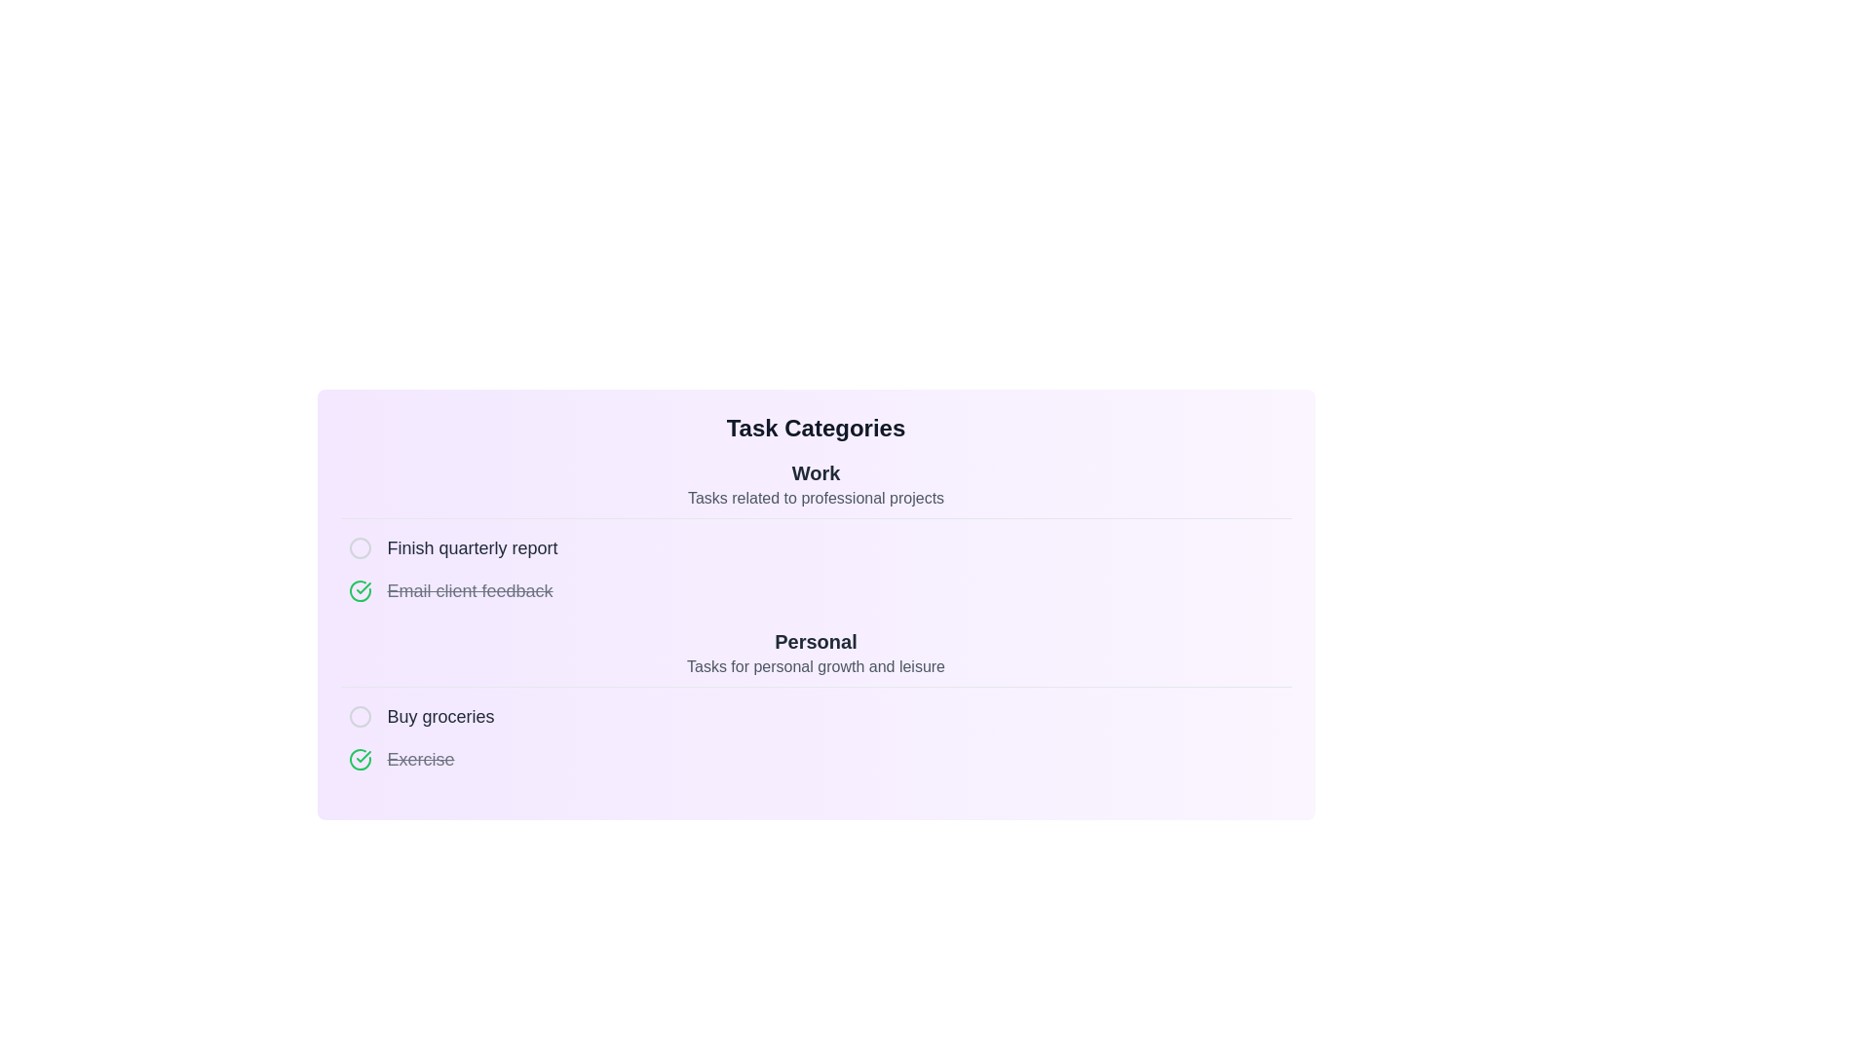  What do you see at coordinates (360, 717) in the screenshot?
I see `the Circle SVG graphic element representing the task status toggle next to 'Buy groceries' in the Personal category to interact with it` at bounding box center [360, 717].